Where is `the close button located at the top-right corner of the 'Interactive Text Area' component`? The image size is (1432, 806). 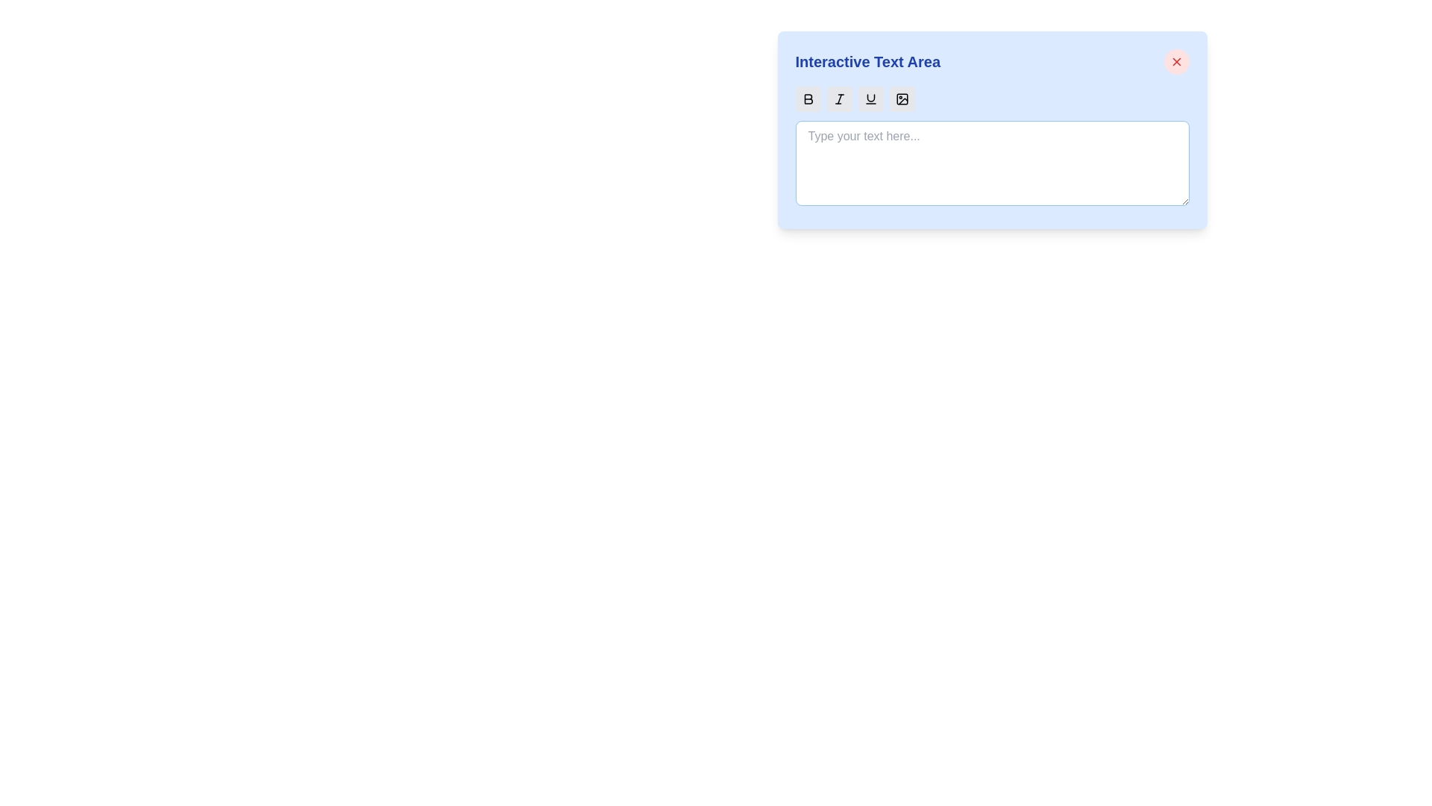
the close button located at the top-right corner of the 'Interactive Text Area' component is located at coordinates (1175, 61).